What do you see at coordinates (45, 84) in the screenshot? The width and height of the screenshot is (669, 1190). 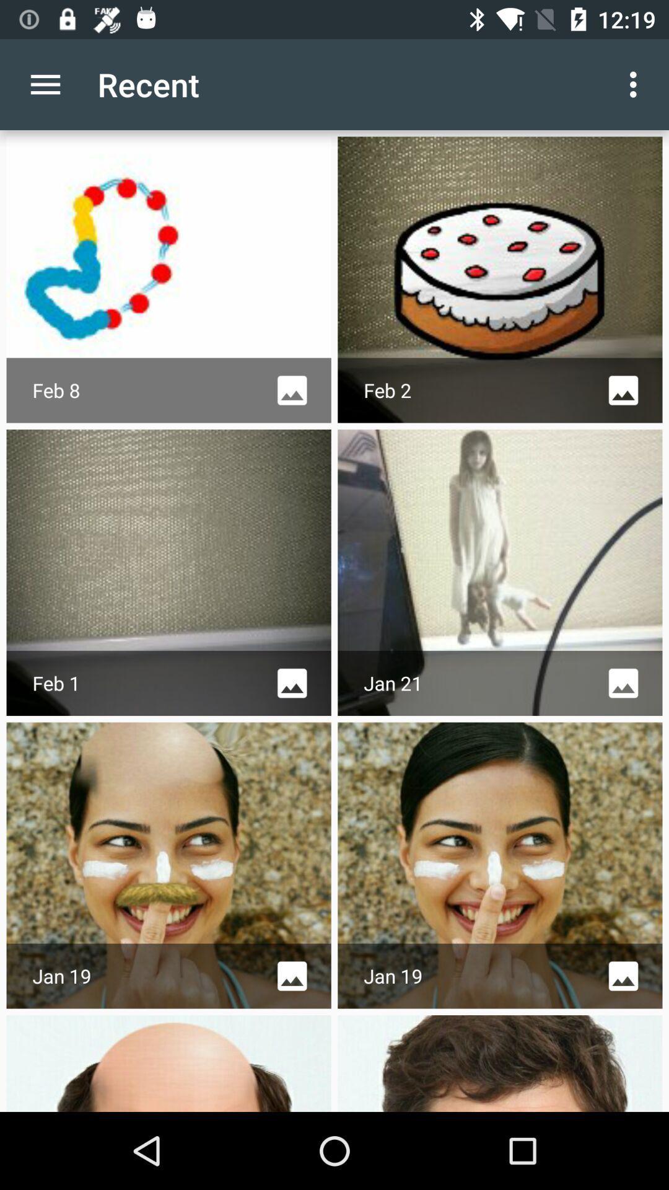 I see `the app next to recent app` at bounding box center [45, 84].